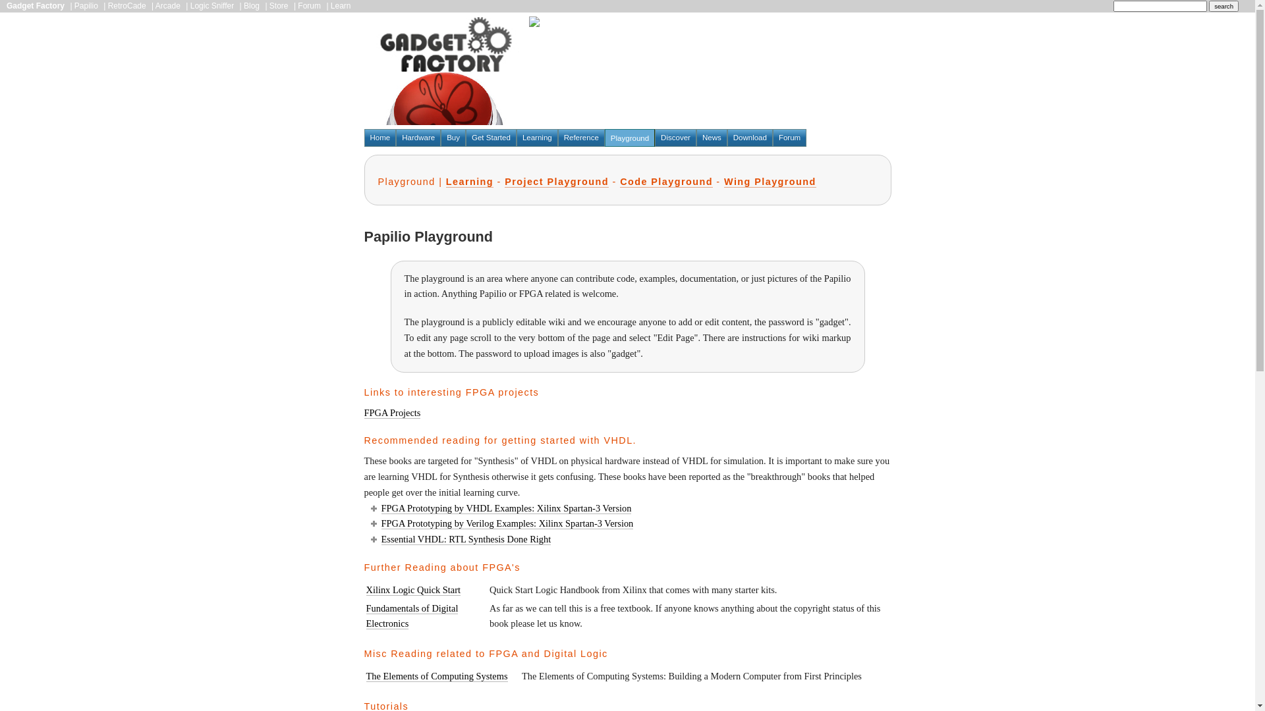  I want to click on 'search', so click(1223, 6).